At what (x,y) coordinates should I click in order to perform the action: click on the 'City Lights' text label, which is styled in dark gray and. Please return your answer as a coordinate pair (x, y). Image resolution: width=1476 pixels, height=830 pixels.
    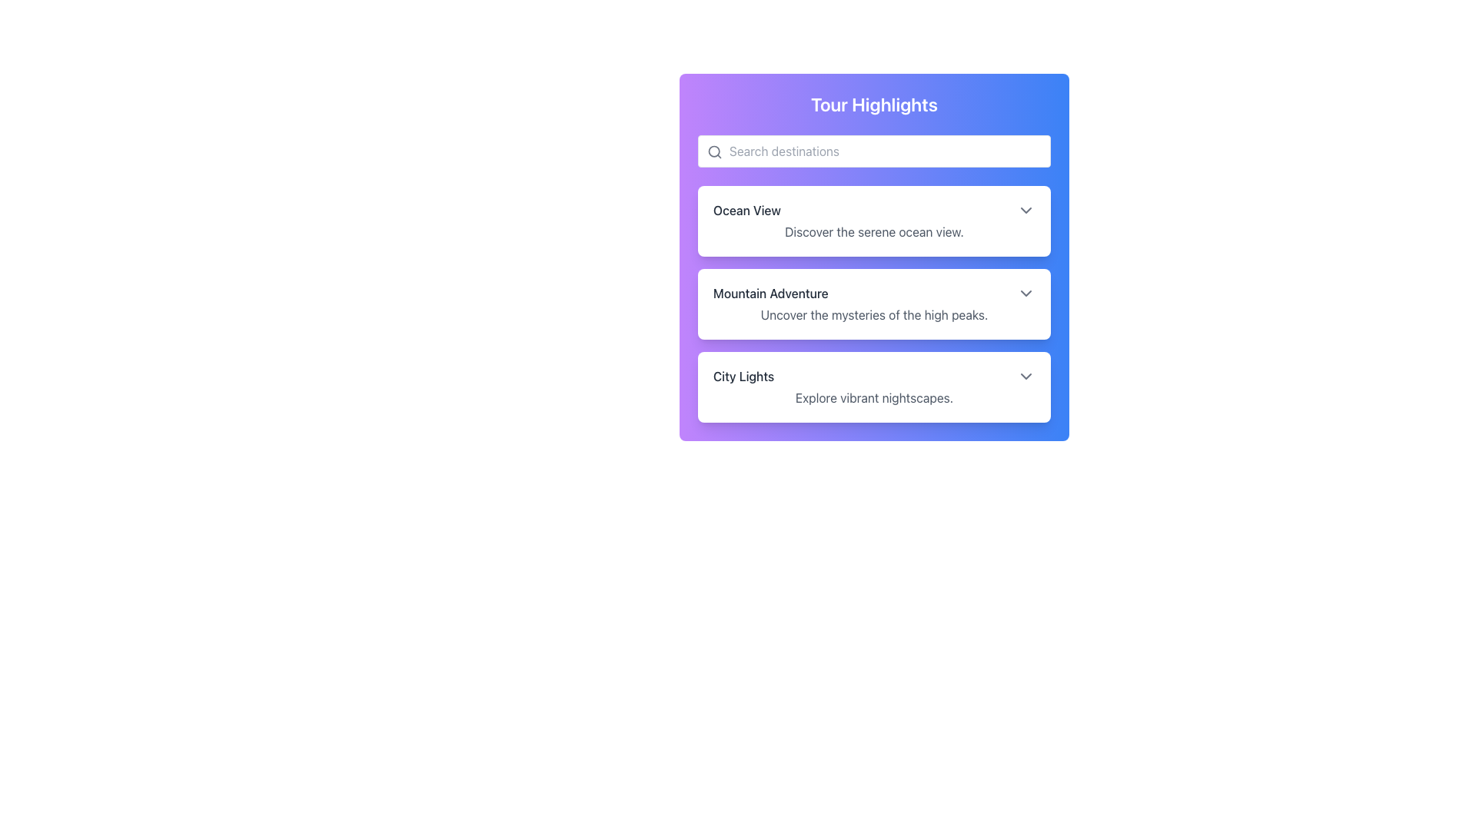
    Looking at the image, I should click on (743, 376).